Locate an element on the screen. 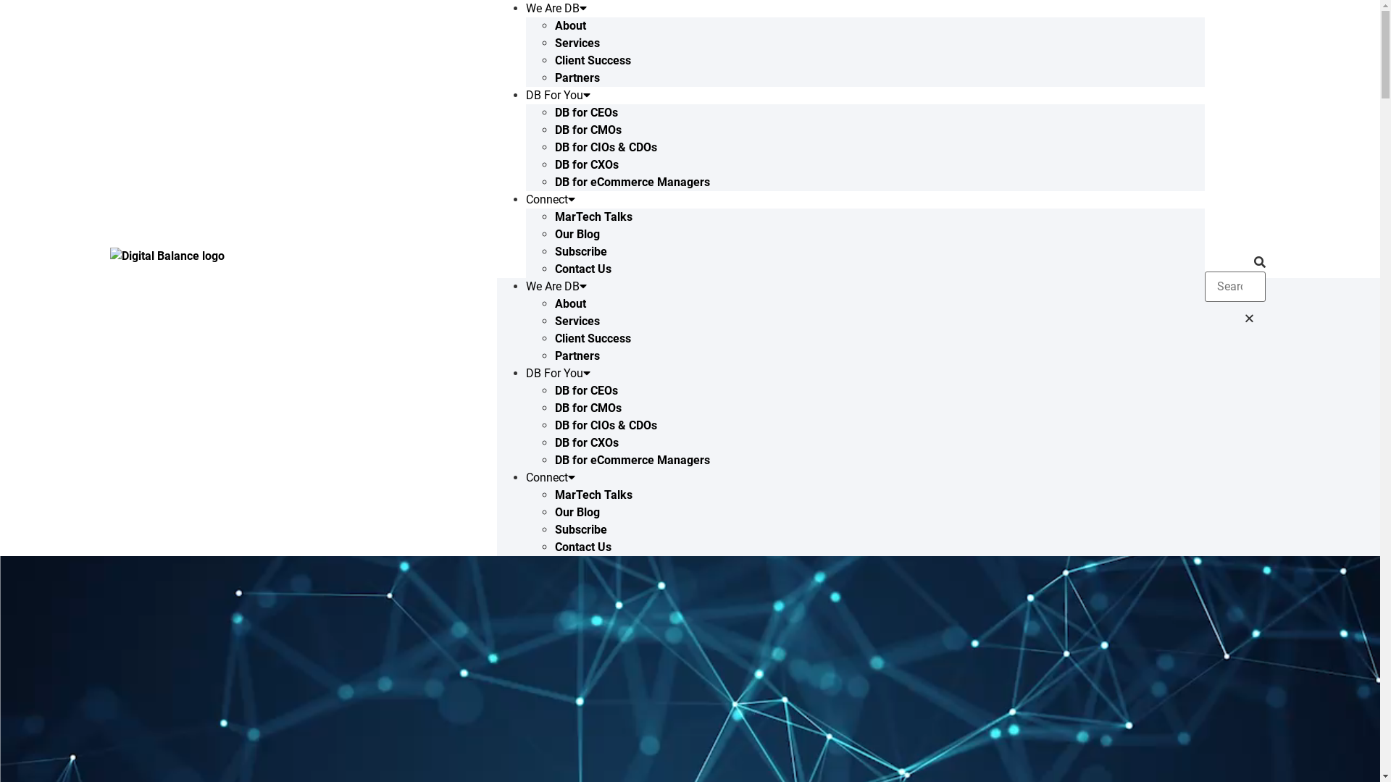 This screenshot has width=1391, height=782. 'DB For You' is located at coordinates (557, 95).